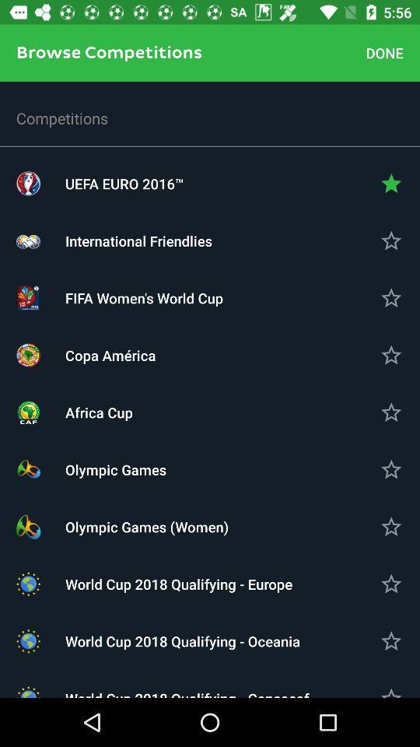 The image size is (420, 747). Describe the element at coordinates (210, 355) in the screenshot. I see `icon above africa cup icon` at that location.